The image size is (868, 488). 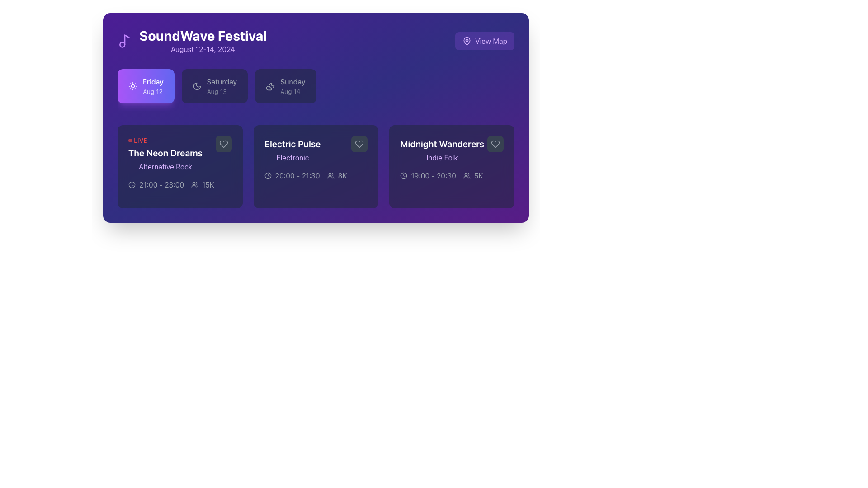 I want to click on the displayed number of attendees for the 'Electric Pulse' event located at the bottom-right corner of the event card, adjacent to the user icon, so click(x=342, y=176).